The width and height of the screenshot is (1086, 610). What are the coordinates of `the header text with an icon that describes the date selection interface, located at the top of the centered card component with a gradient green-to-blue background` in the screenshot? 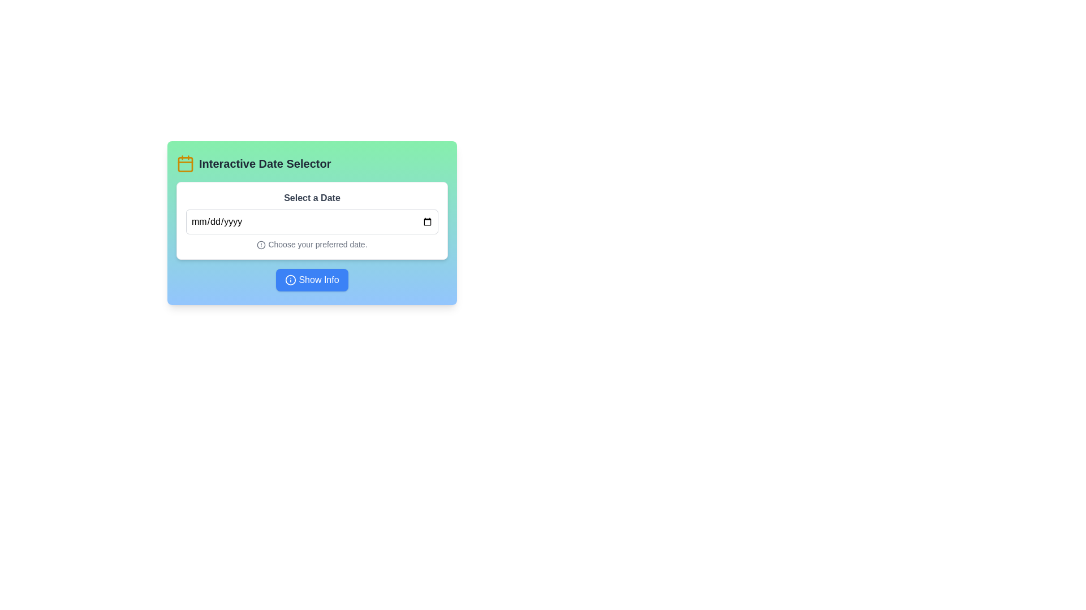 It's located at (312, 163).